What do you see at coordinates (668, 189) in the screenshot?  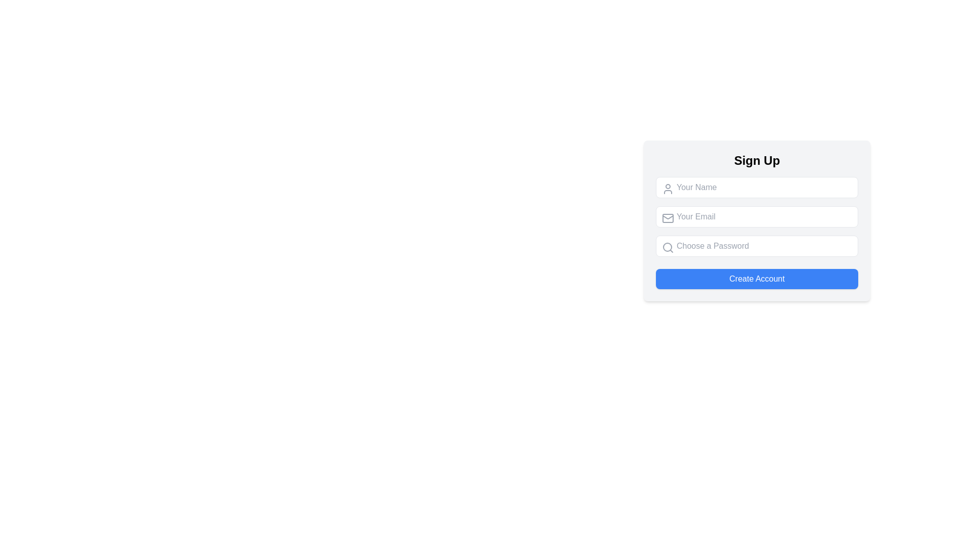 I see `the user profile SVG icon located inside the 'Your Name' input box on the first row of the sign-up form` at bounding box center [668, 189].